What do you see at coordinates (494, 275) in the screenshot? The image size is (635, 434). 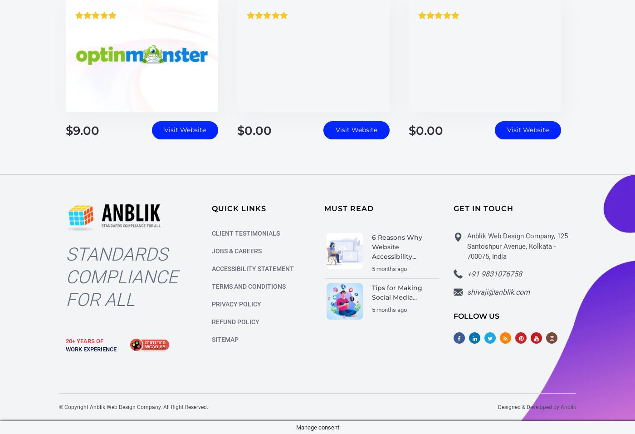 I see `'+91 9831076758'` at bounding box center [494, 275].